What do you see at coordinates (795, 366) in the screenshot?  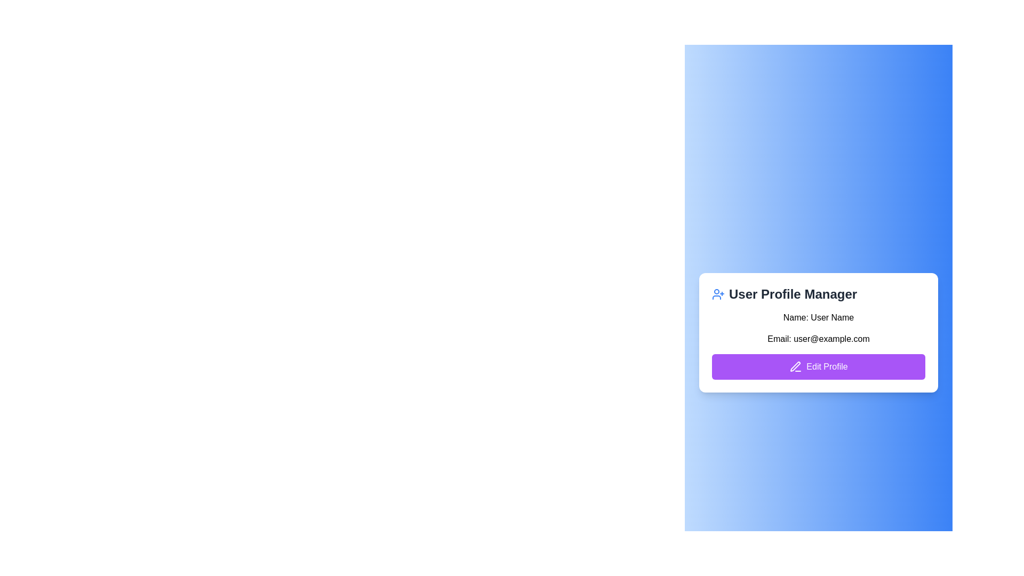 I see `the SVG icon that serves as a visual indicator for the 'Edit Profile' functionality, located to the left of the button labeled 'Edit Profile'` at bounding box center [795, 366].